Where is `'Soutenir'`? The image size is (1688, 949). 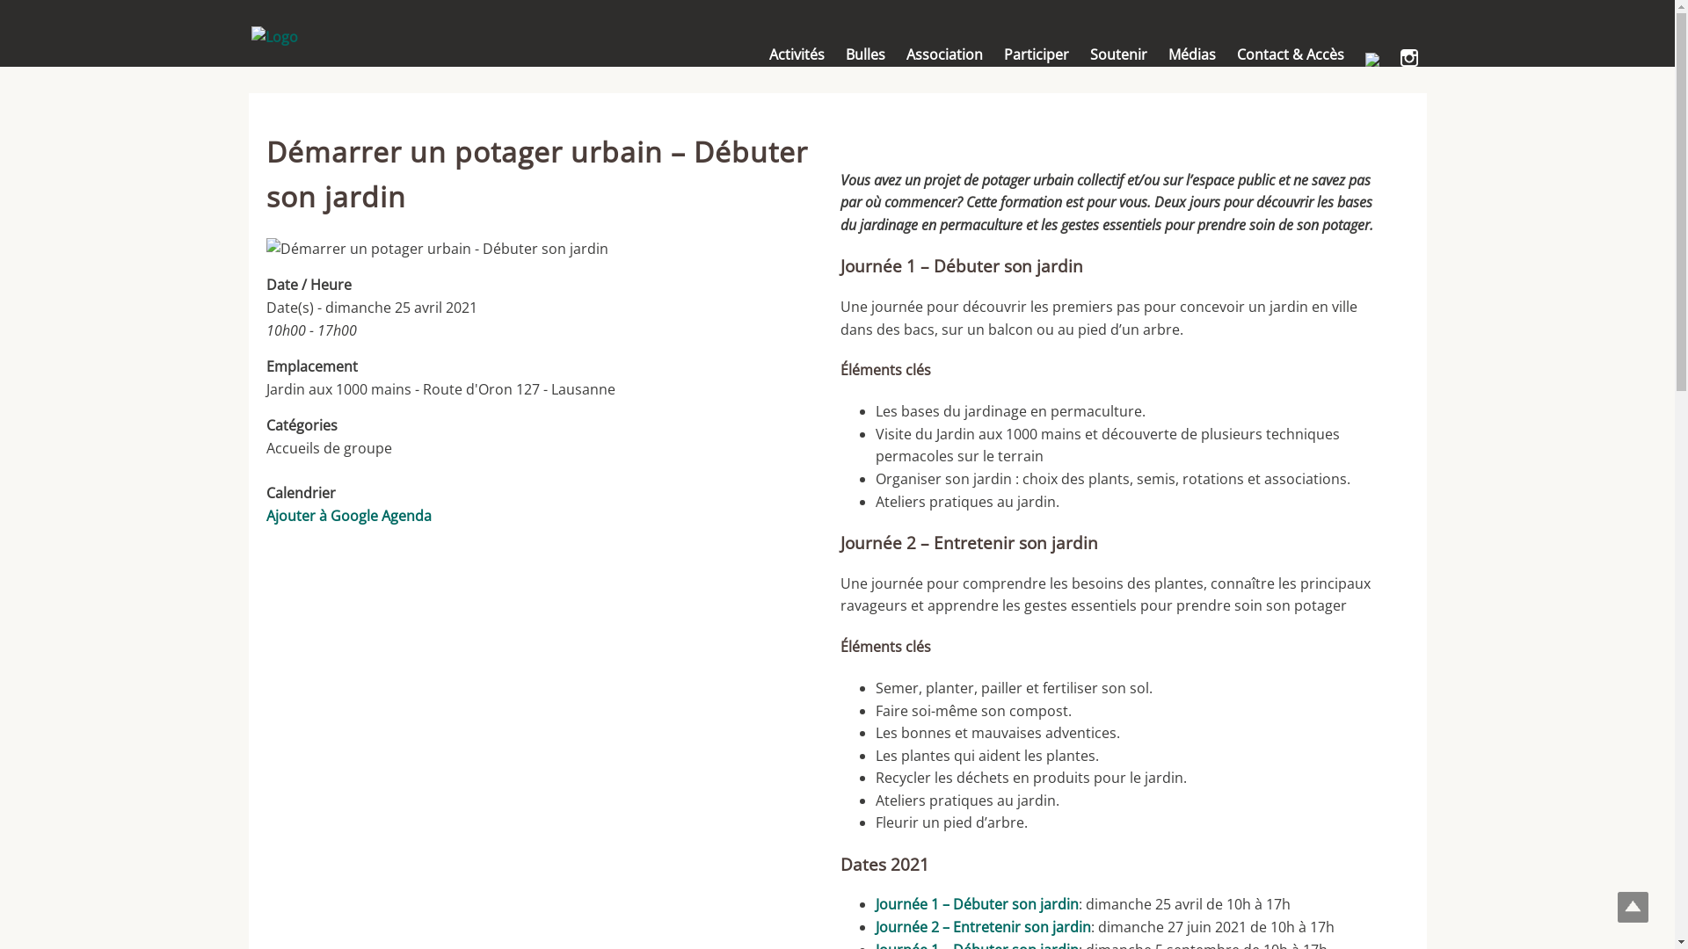 'Soutenir' is located at coordinates (1117, 53).